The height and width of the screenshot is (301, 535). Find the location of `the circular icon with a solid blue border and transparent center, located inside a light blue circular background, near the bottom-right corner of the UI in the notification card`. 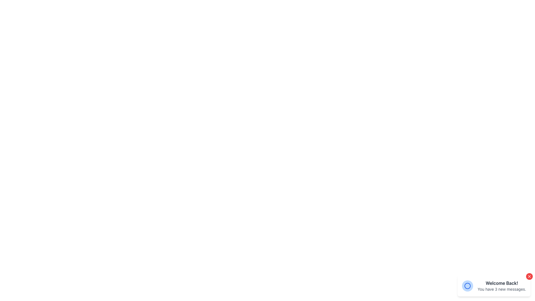

the circular icon with a solid blue border and transparent center, located inside a light blue circular background, near the bottom-right corner of the UI in the notification card is located at coordinates (468, 286).